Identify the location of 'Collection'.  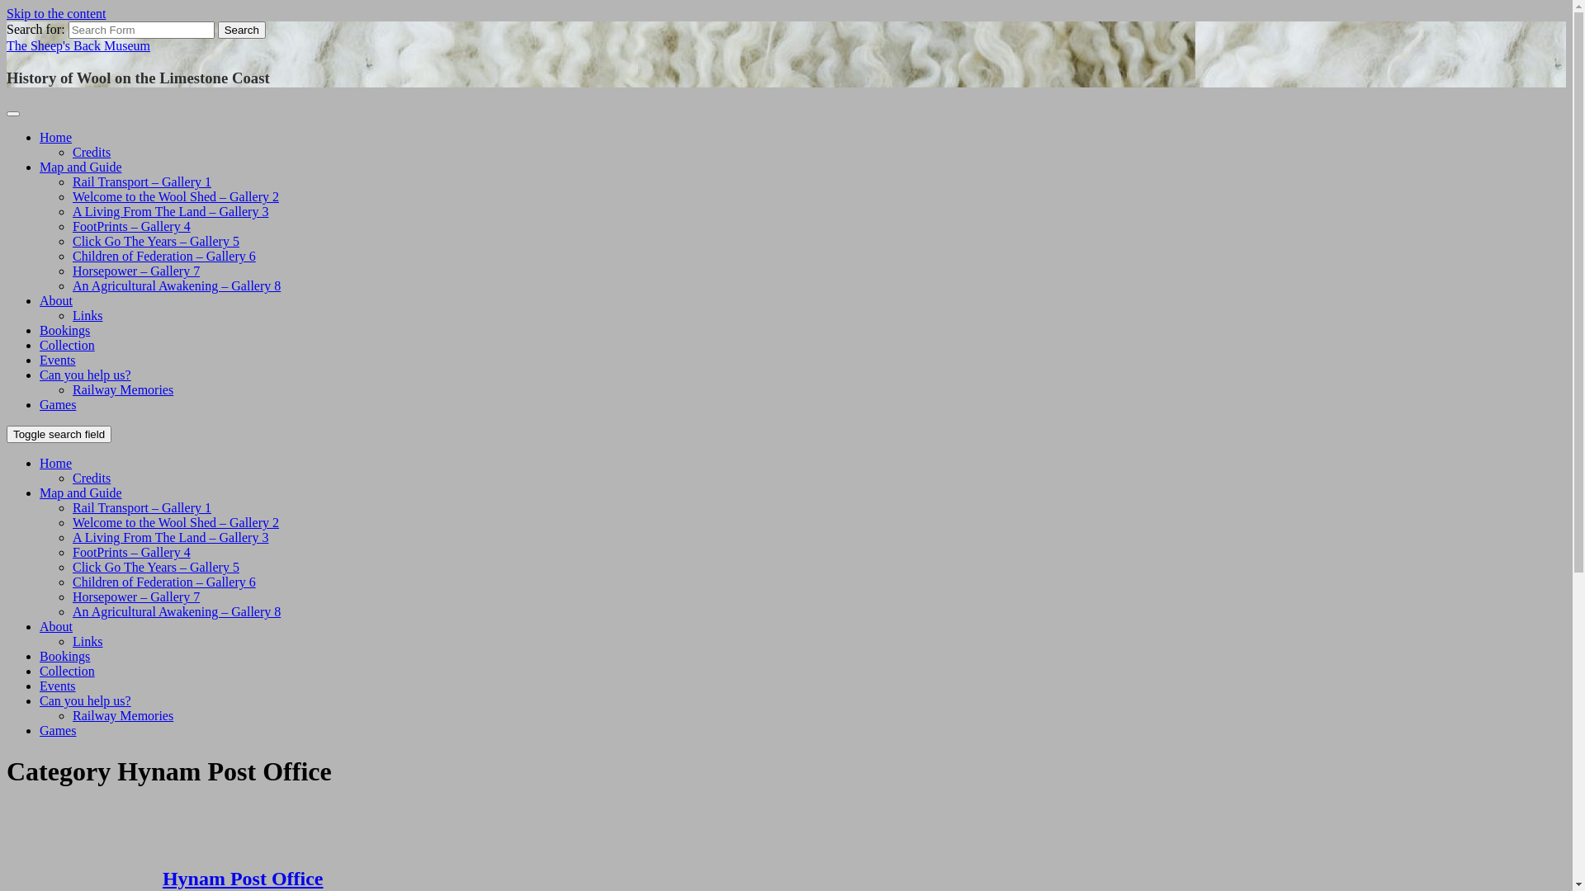
(66, 671).